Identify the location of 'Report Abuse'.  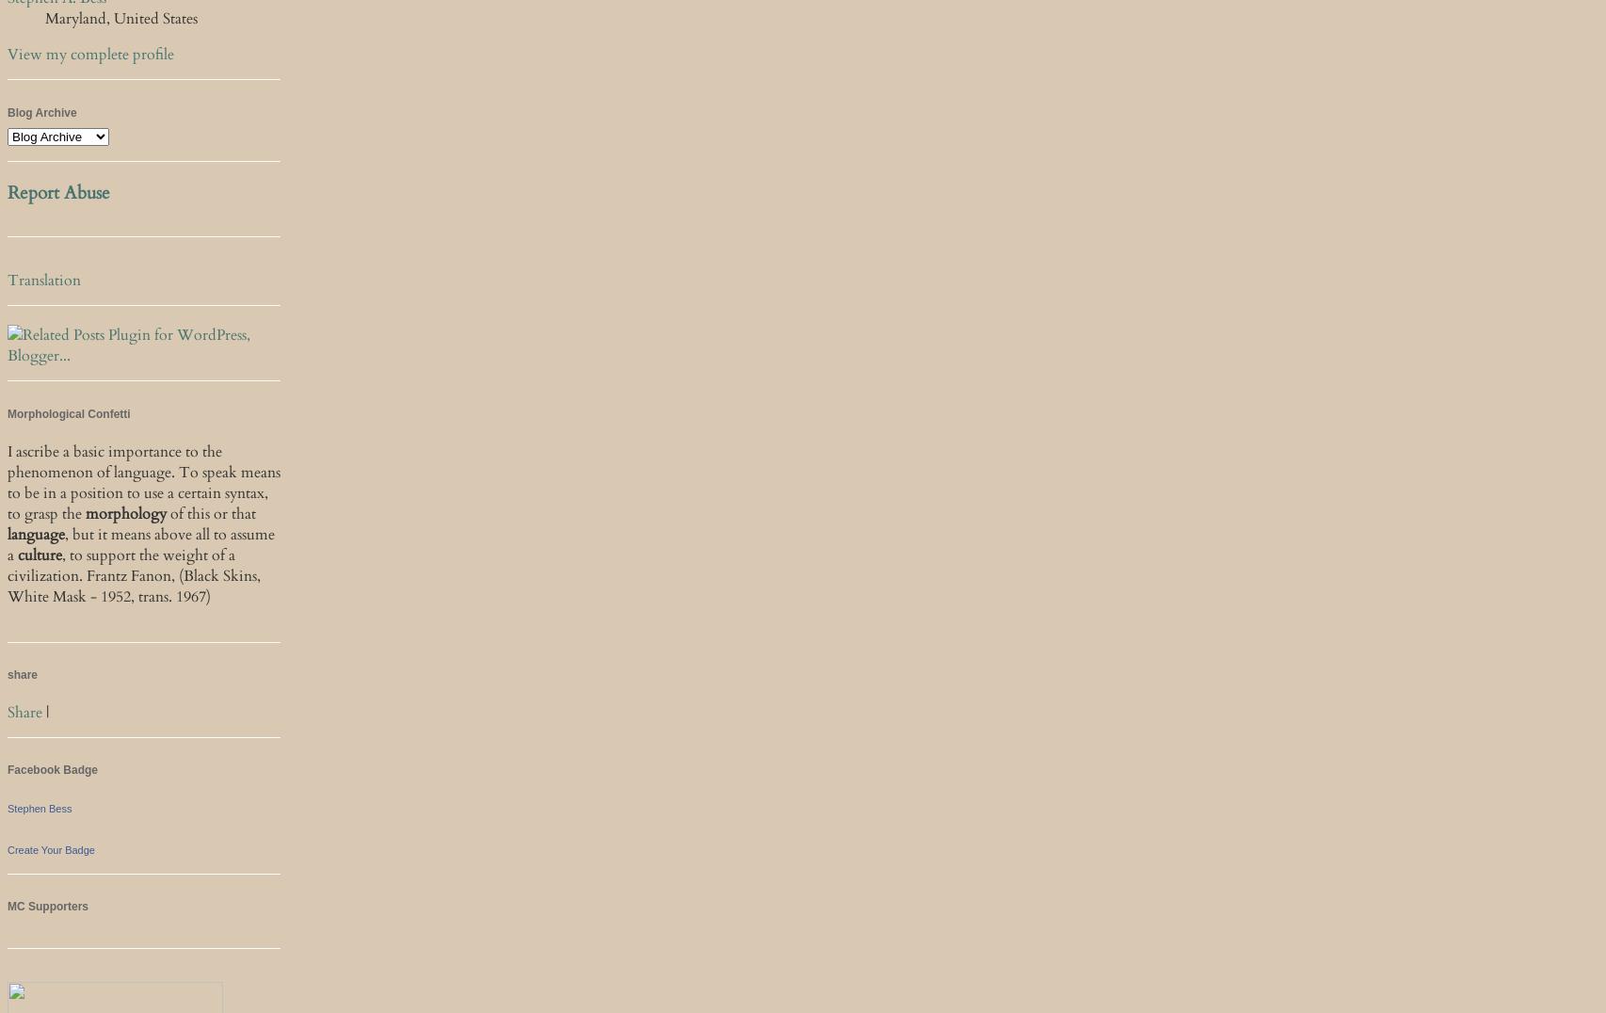
(58, 191).